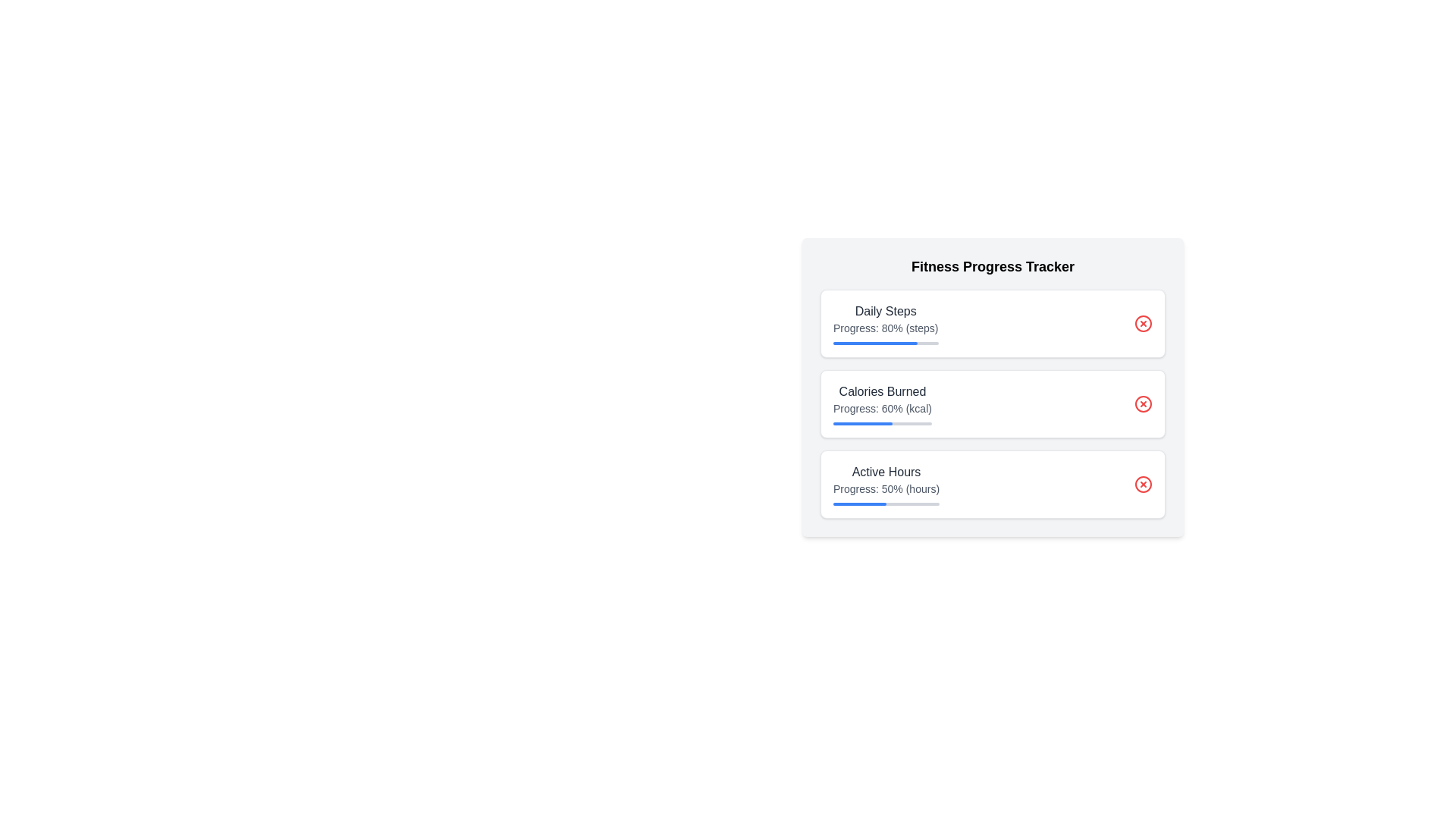  Describe the element at coordinates (993, 403) in the screenshot. I see `the second fitness progress tracker in the Grouped content display for tooltip or additional details` at that location.